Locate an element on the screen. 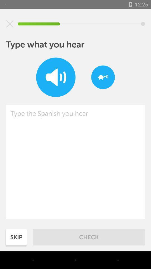  stop playing is located at coordinates (10, 24).